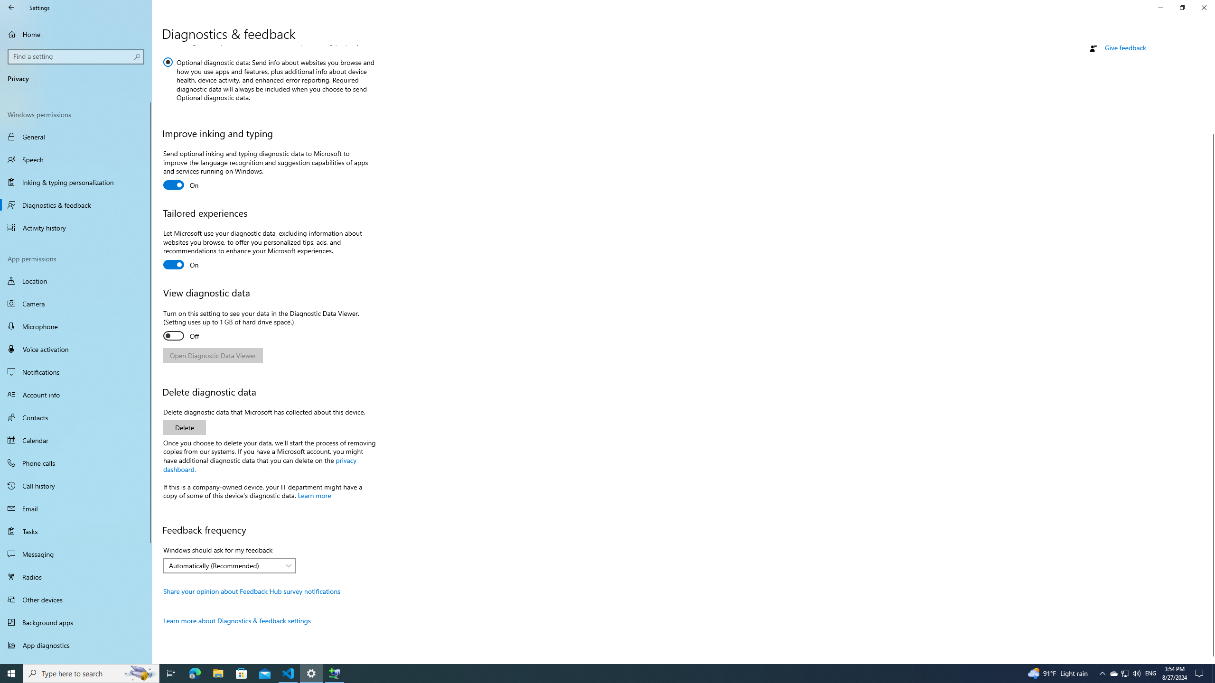 The image size is (1215, 683). What do you see at coordinates (236, 620) in the screenshot?
I see `'Learn more about Diagnostics & feedback settings'` at bounding box center [236, 620].